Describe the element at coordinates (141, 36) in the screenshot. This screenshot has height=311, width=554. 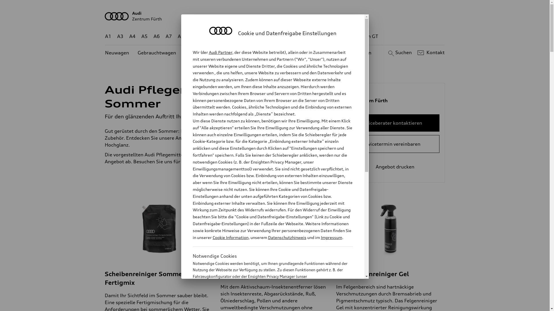
I see `'A5'` at that location.